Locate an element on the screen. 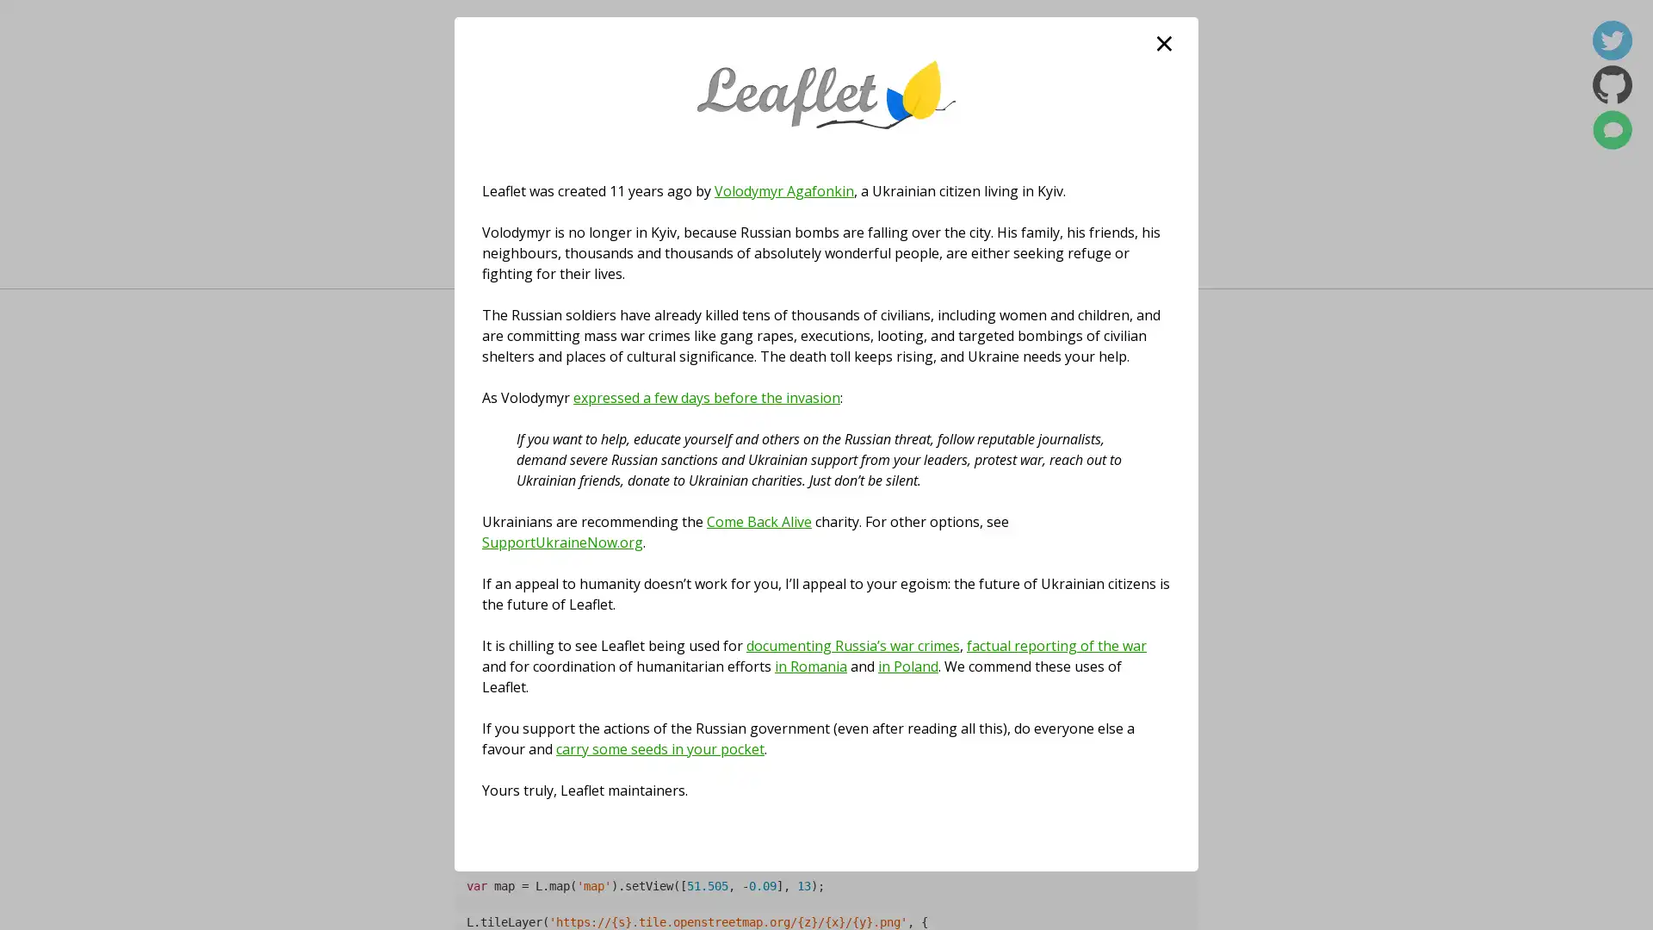  Marker is located at coordinates (826, 675).